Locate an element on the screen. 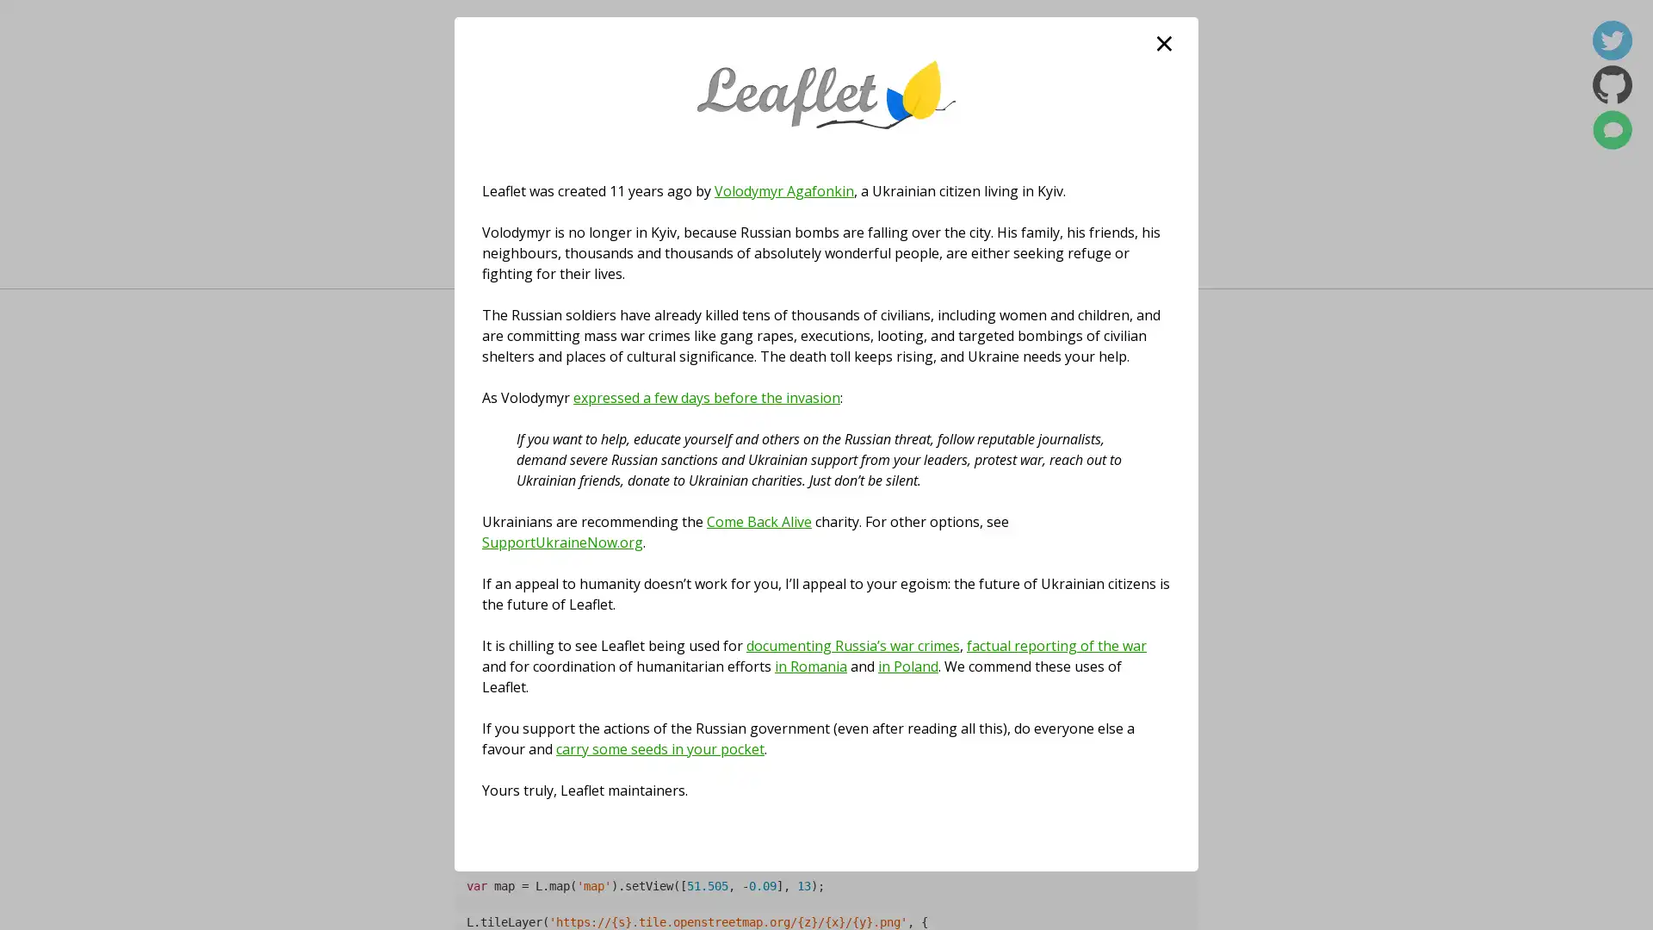  Marker is located at coordinates (826, 675).